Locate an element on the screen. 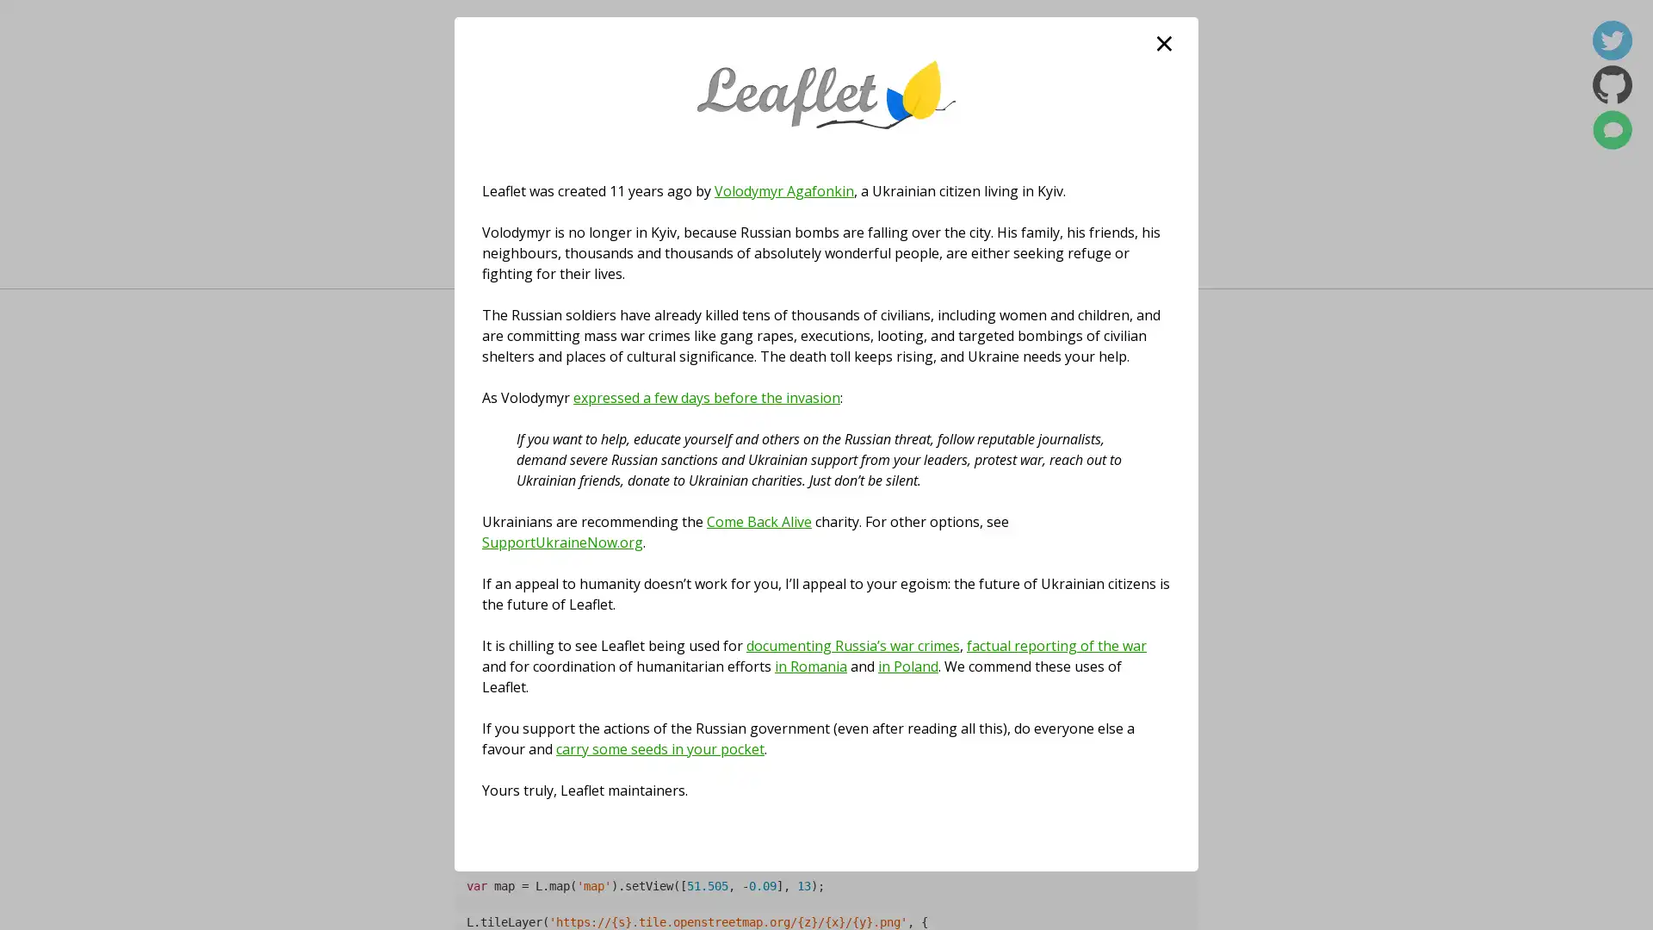  Marker is located at coordinates (826, 675).